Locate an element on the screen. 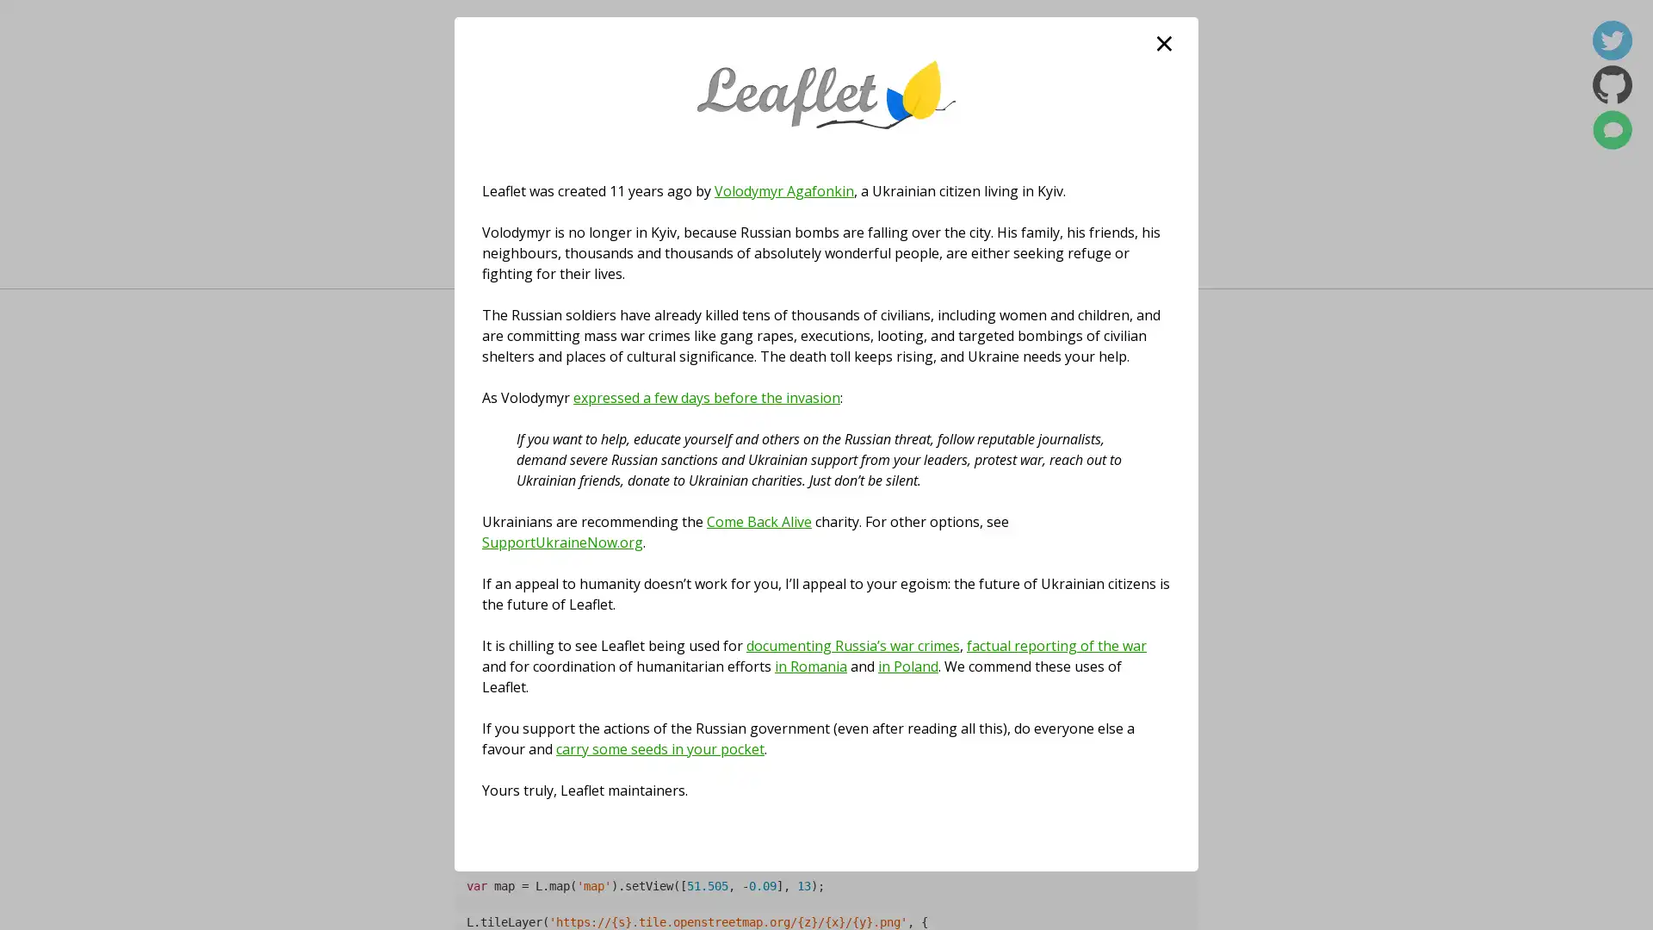  Marker is located at coordinates (826, 675).